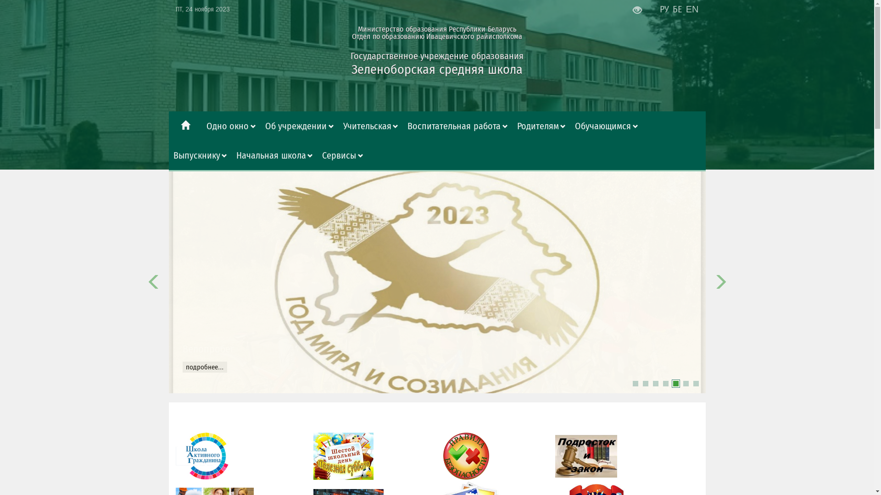 The width and height of the screenshot is (881, 495). I want to click on '2', so click(642, 384).